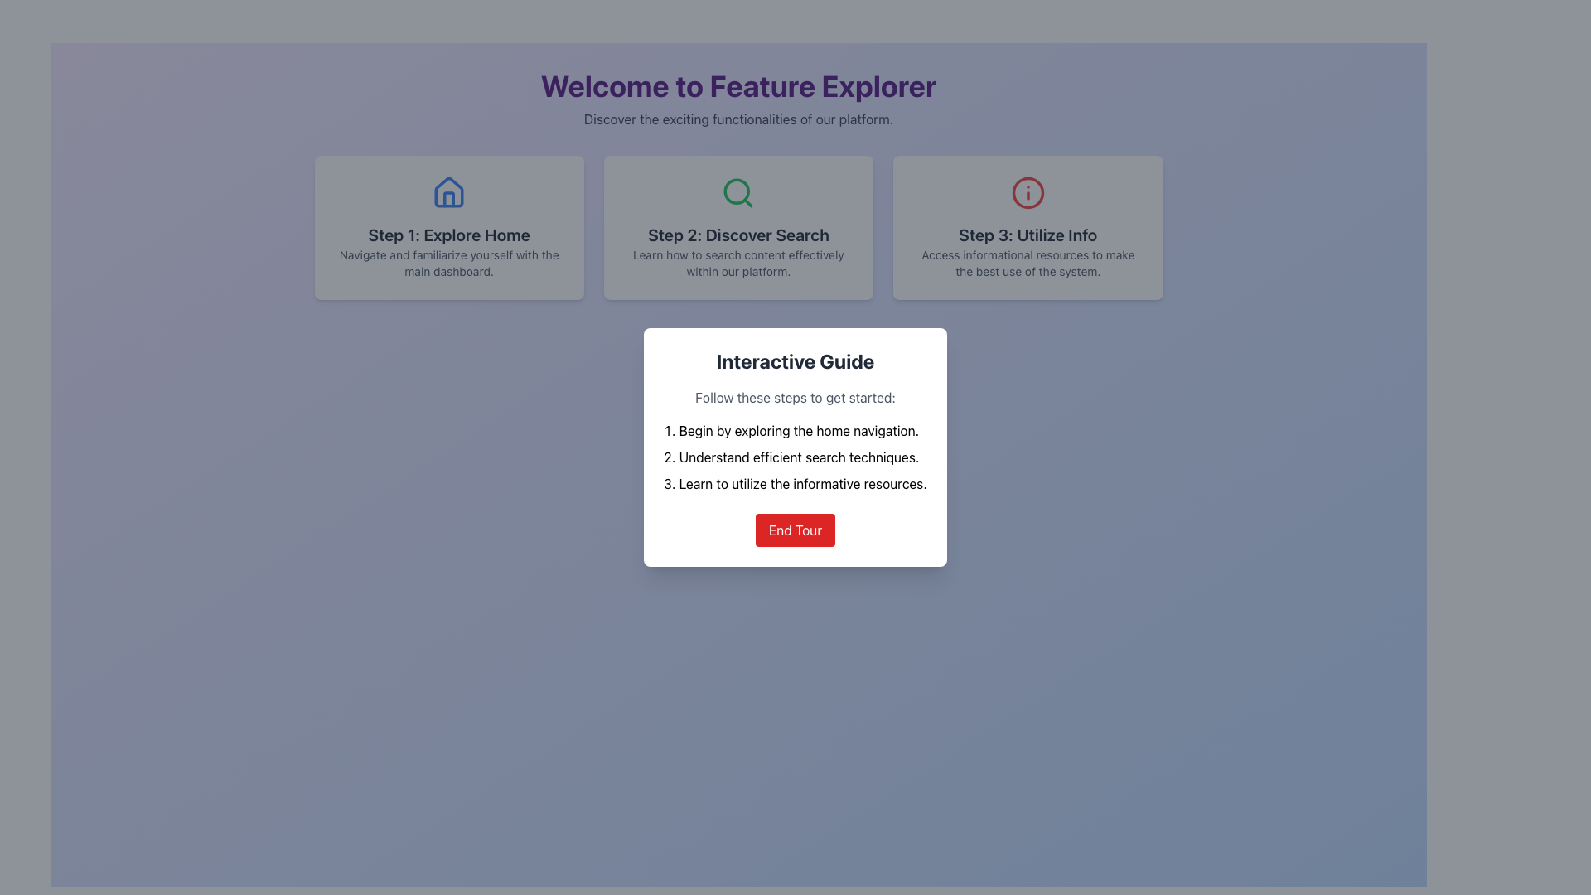 The height and width of the screenshot is (895, 1591). I want to click on the text header that states 'Welcome to Feature Explorer' and the descriptive text below it, so click(737, 99).